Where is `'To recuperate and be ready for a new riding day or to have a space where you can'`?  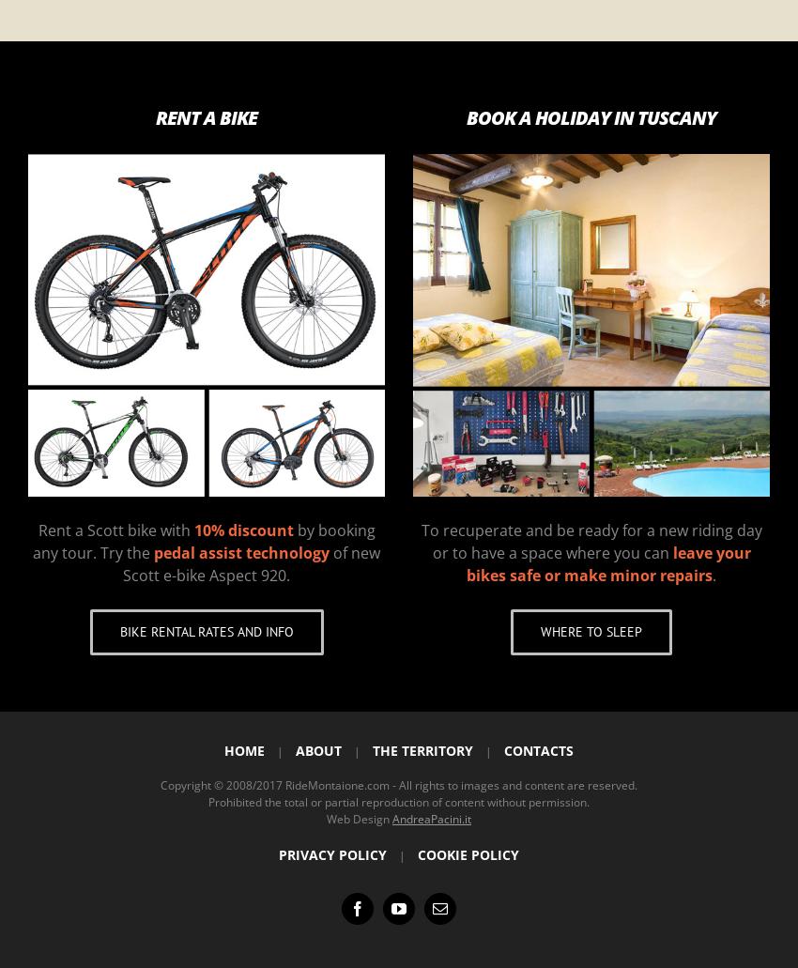
'To recuperate and be ready for a new riding day or to have a space where you can' is located at coordinates (590, 540).